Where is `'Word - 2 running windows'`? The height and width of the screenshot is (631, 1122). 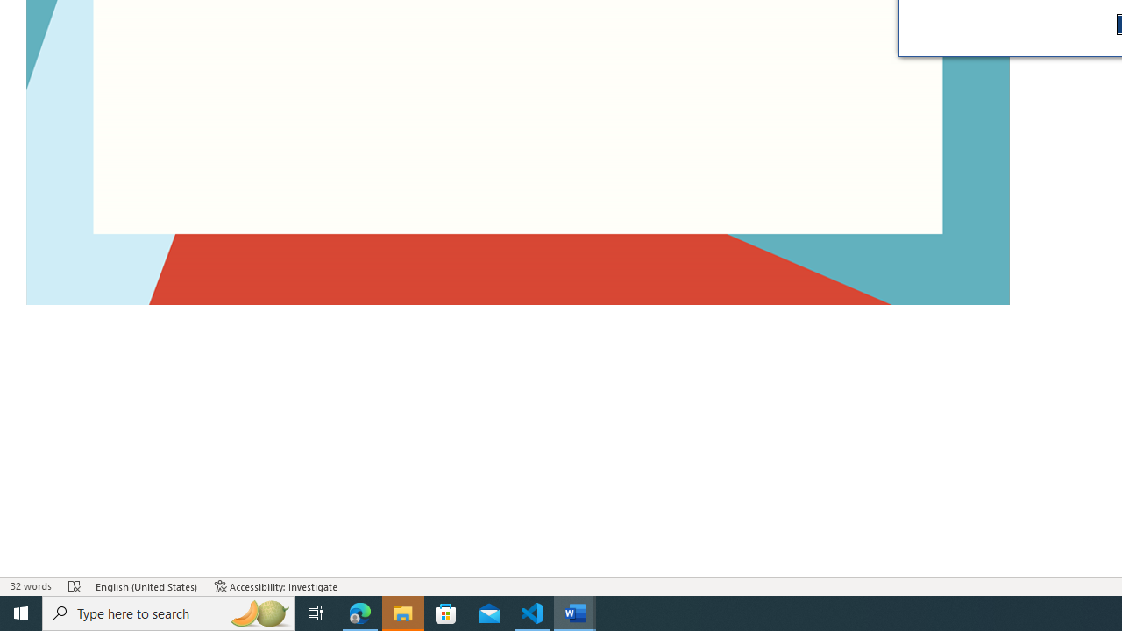 'Word - 2 running windows' is located at coordinates (575, 612).